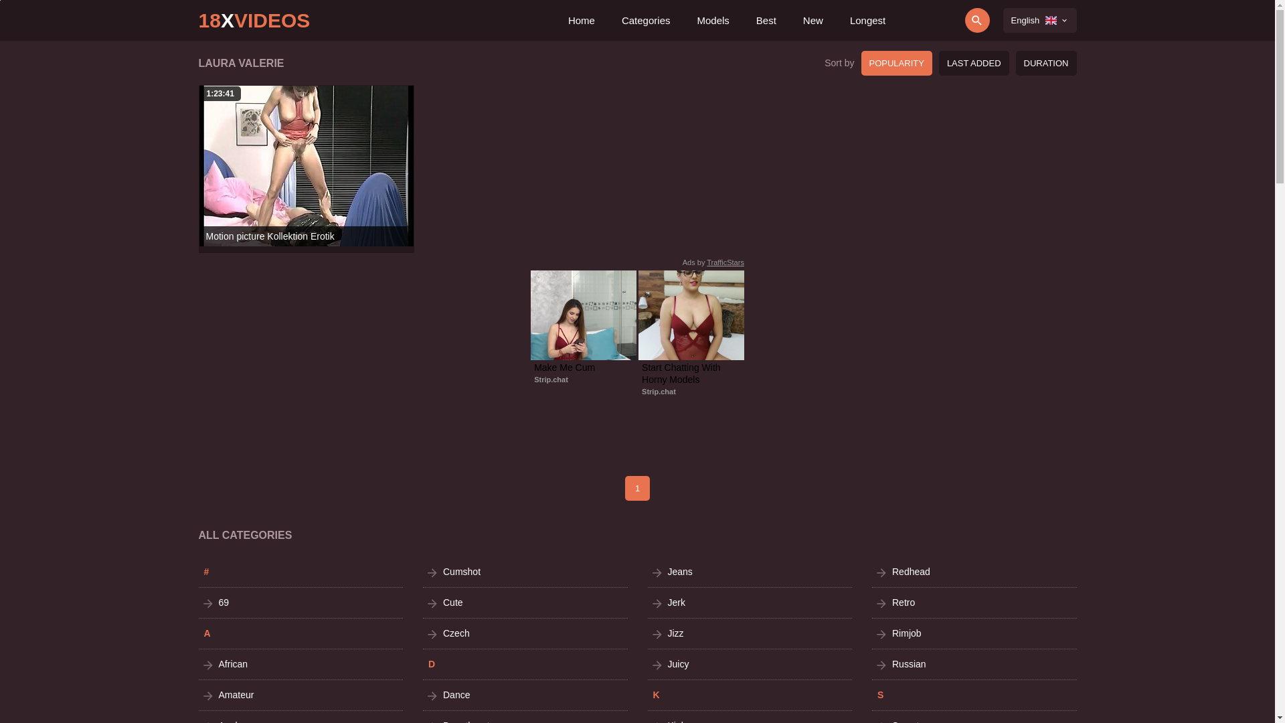 The height and width of the screenshot is (723, 1285). What do you see at coordinates (641, 392) in the screenshot?
I see `'Strip.chat'` at bounding box center [641, 392].